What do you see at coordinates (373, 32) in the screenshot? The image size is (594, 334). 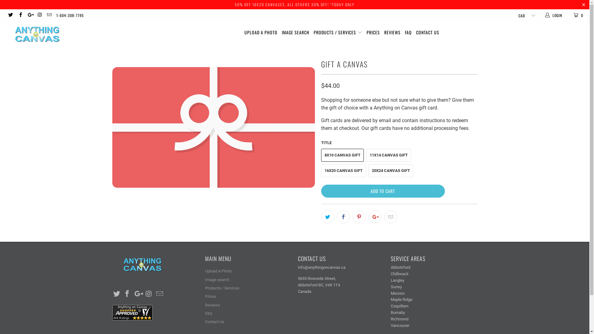 I see `'PRICES'` at bounding box center [373, 32].